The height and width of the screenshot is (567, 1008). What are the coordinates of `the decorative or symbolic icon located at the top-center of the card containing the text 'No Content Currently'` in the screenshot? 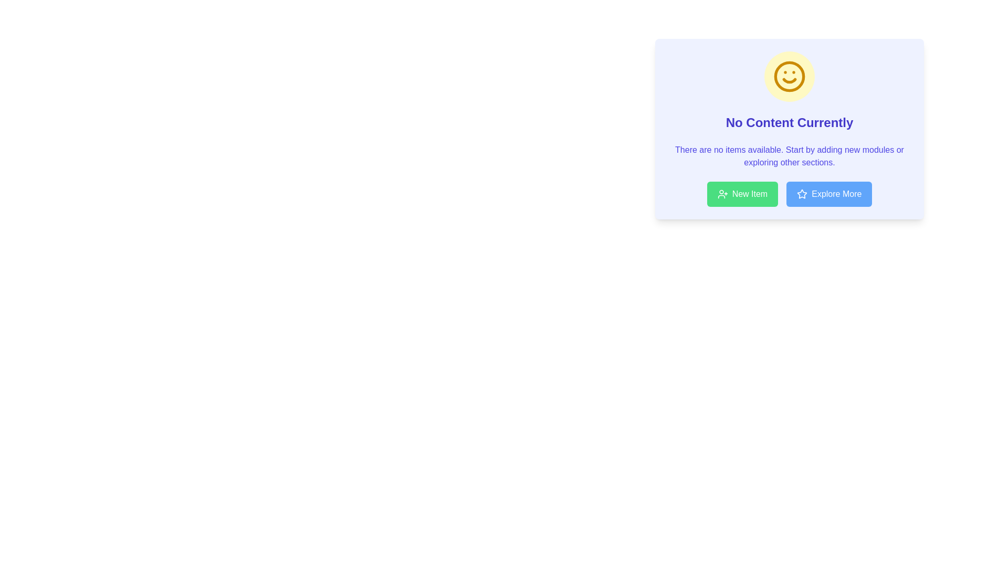 It's located at (802, 194).